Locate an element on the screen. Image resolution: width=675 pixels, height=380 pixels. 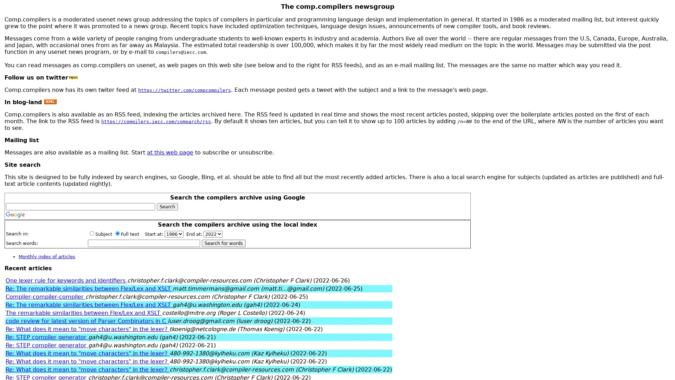
Search is located at coordinates (167, 206).